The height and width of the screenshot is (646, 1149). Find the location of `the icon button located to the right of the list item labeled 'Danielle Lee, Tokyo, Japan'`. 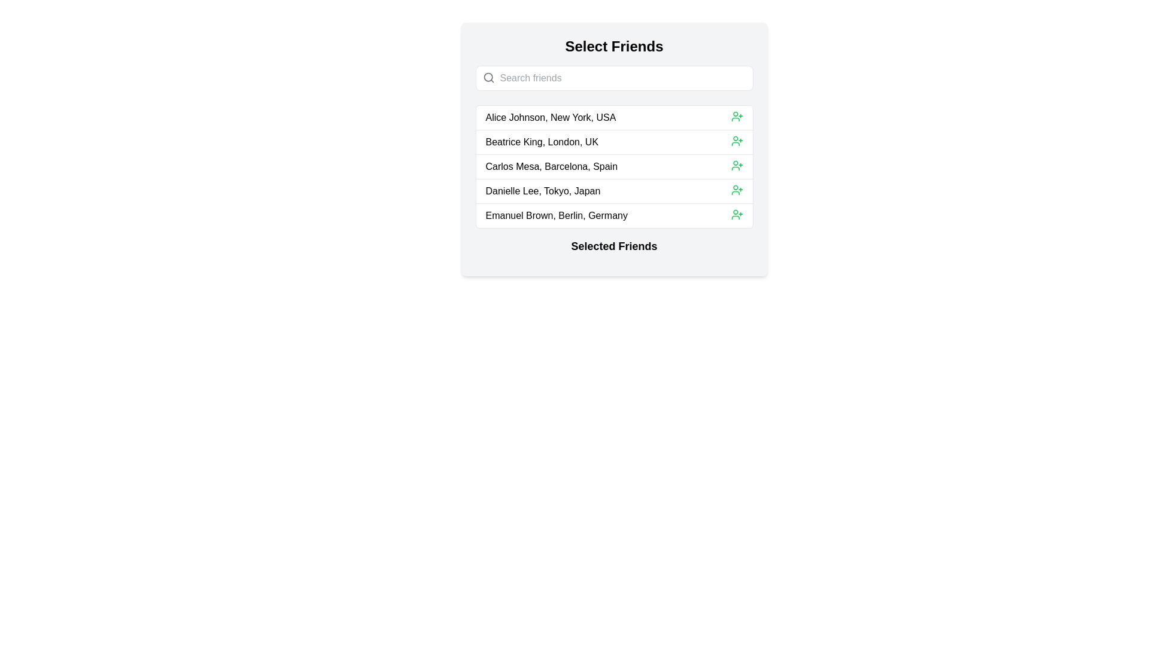

the icon button located to the right of the list item labeled 'Danielle Lee, Tokyo, Japan' is located at coordinates (736, 189).